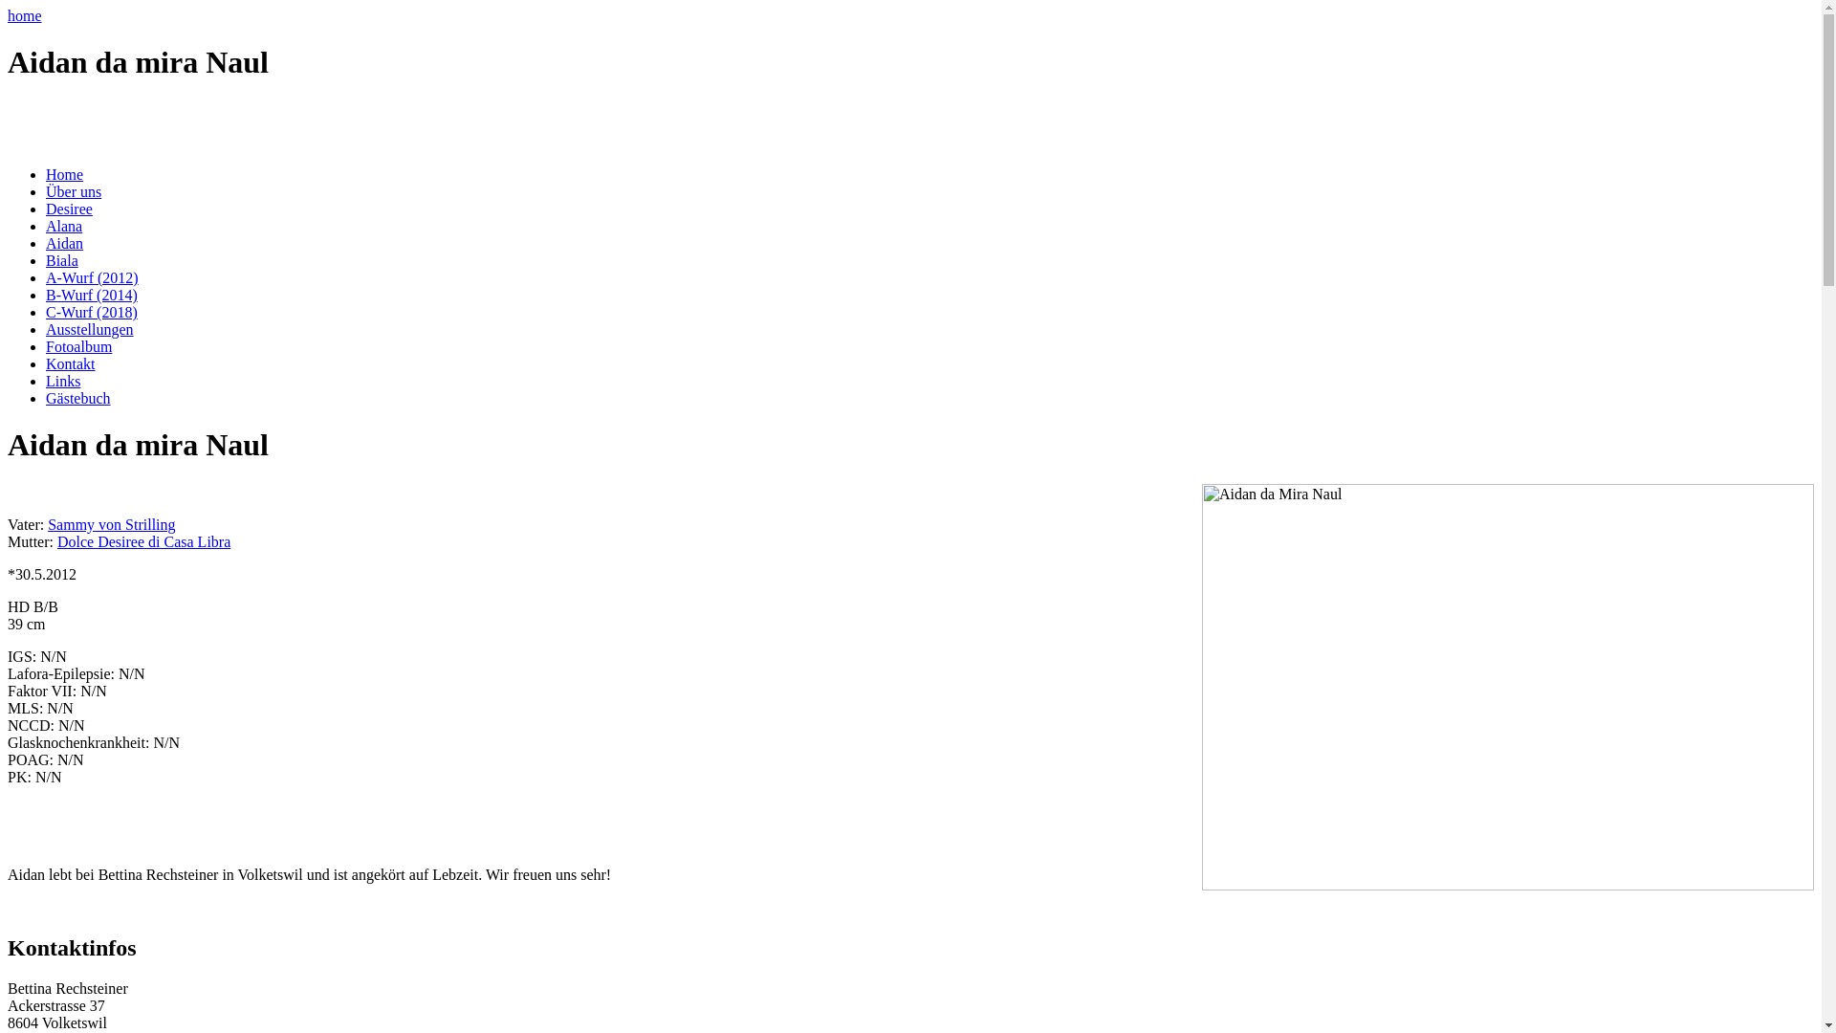 The width and height of the screenshot is (1836, 1033). Describe the element at coordinates (110, 524) in the screenshot. I see `'Sammy von Strilling'` at that location.